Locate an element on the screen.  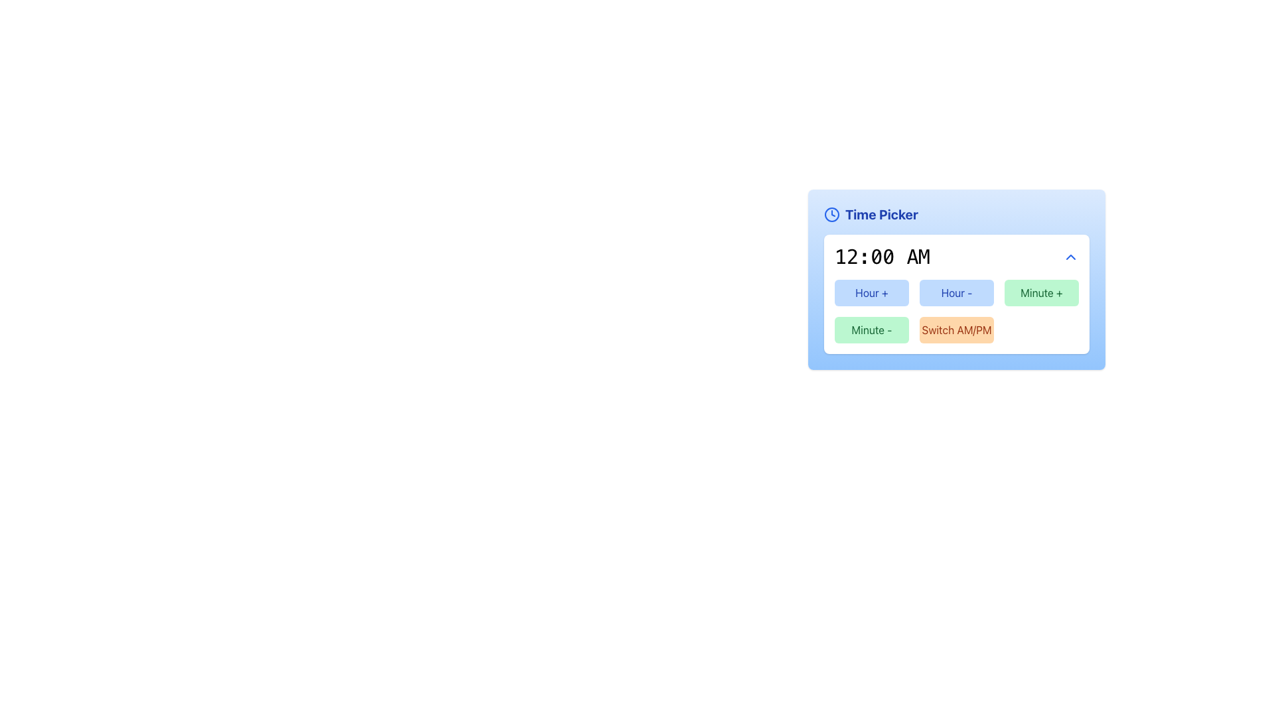
the AM/PM toggle button located in the second row and middle column of the button grid to switch between AM and PM states is located at coordinates (956, 329).